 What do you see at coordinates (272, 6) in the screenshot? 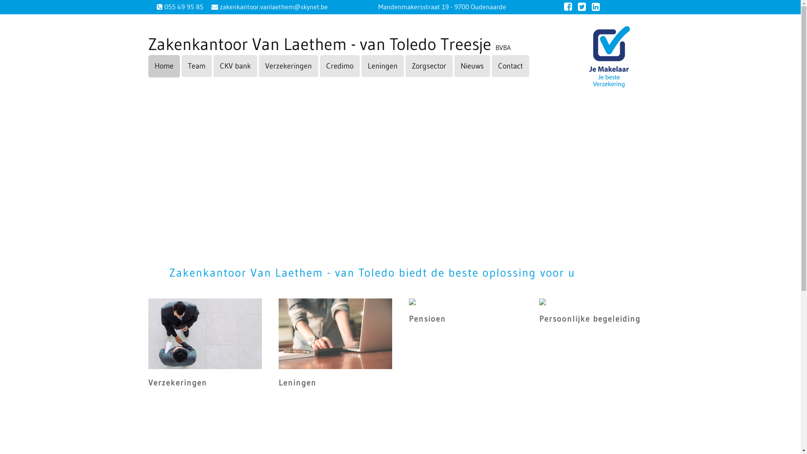
I see `'zakenkantoor.vanlaethem@skynet.be'` at bounding box center [272, 6].